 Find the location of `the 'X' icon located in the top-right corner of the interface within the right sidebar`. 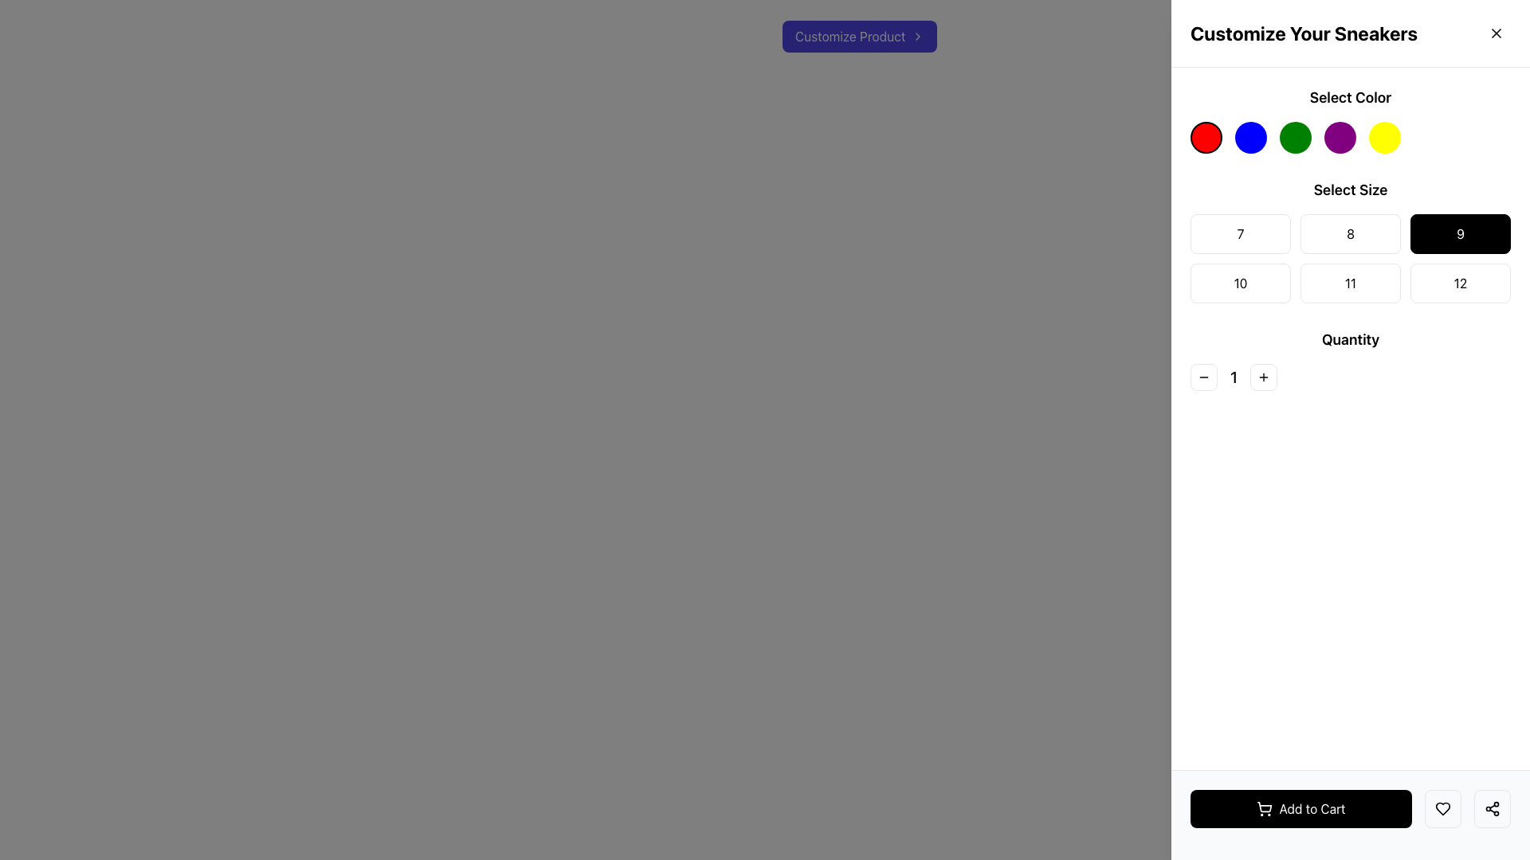

the 'X' icon located in the top-right corner of the interface within the right sidebar is located at coordinates (1495, 33).